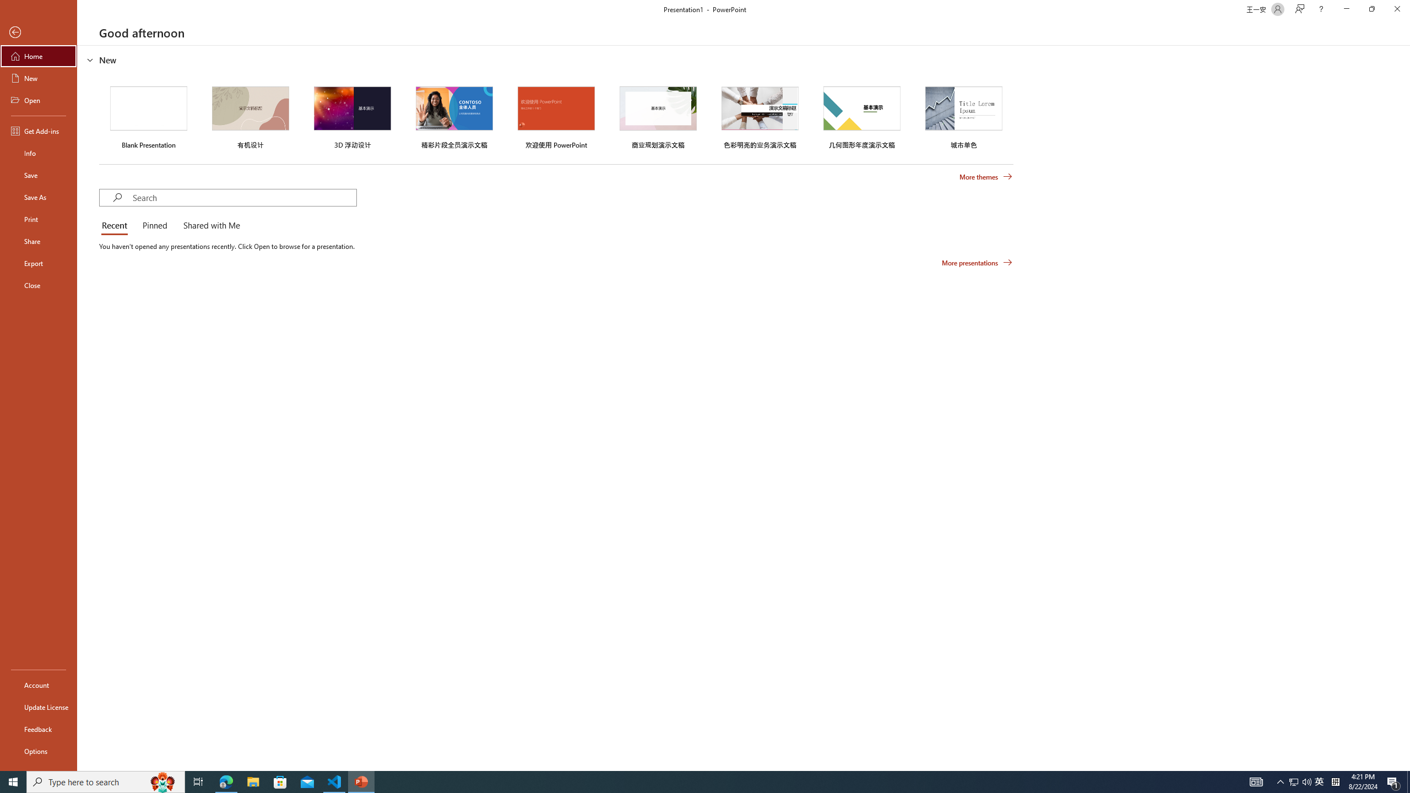 This screenshot has width=1410, height=793. Describe the element at coordinates (38, 751) in the screenshot. I see `'Options'` at that location.